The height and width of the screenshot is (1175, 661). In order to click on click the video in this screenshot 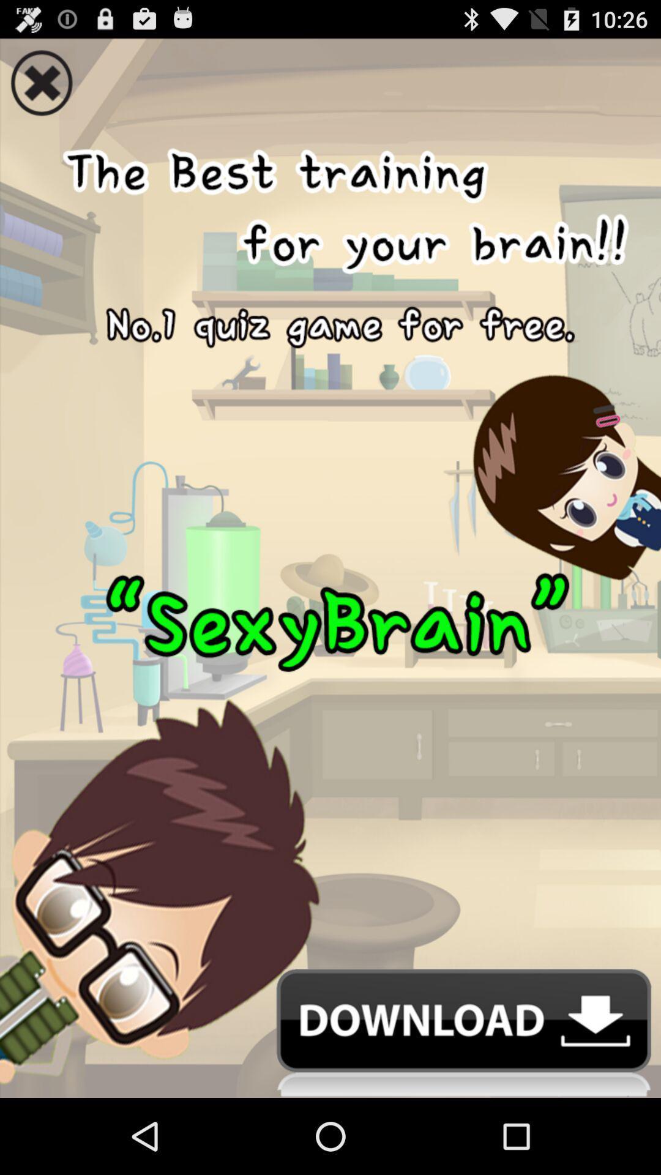, I will do `click(330, 543)`.